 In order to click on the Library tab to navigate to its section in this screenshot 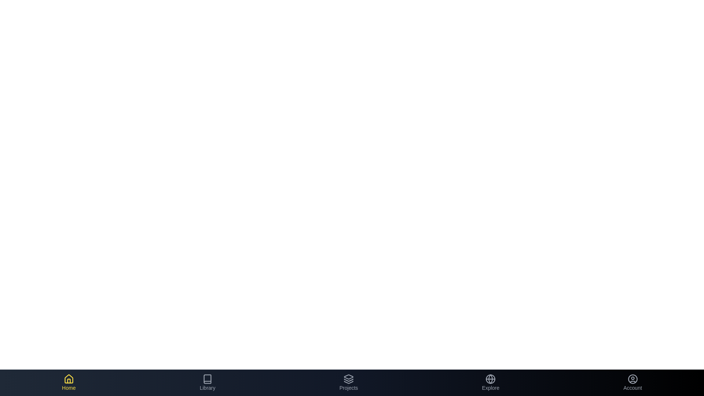, I will do `click(207, 382)`.